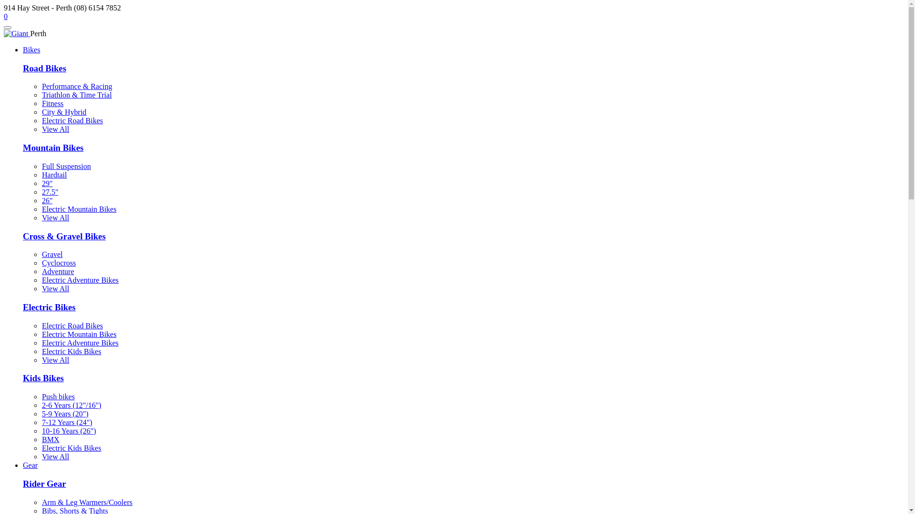  What do you see at coordinates (55, 360) in the screenshot?
I see `'View All'` at bounding box center [55, 360].